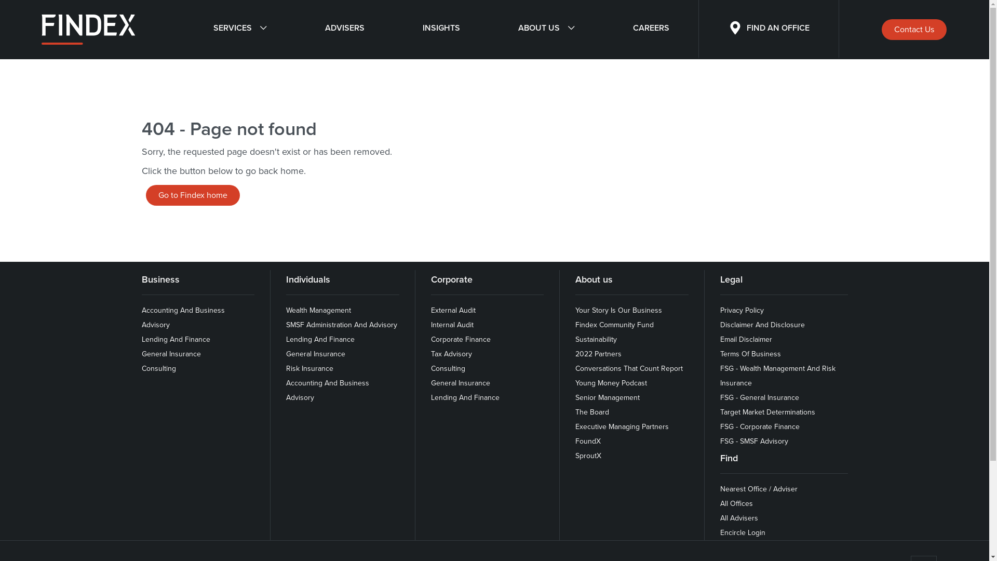 The height and width of the screenshot is (561, 997). Describe the element at coordinates (720, 376) in the screenshot. I see `'FSG - Wealth Management And Risk Insurance'` at that location.